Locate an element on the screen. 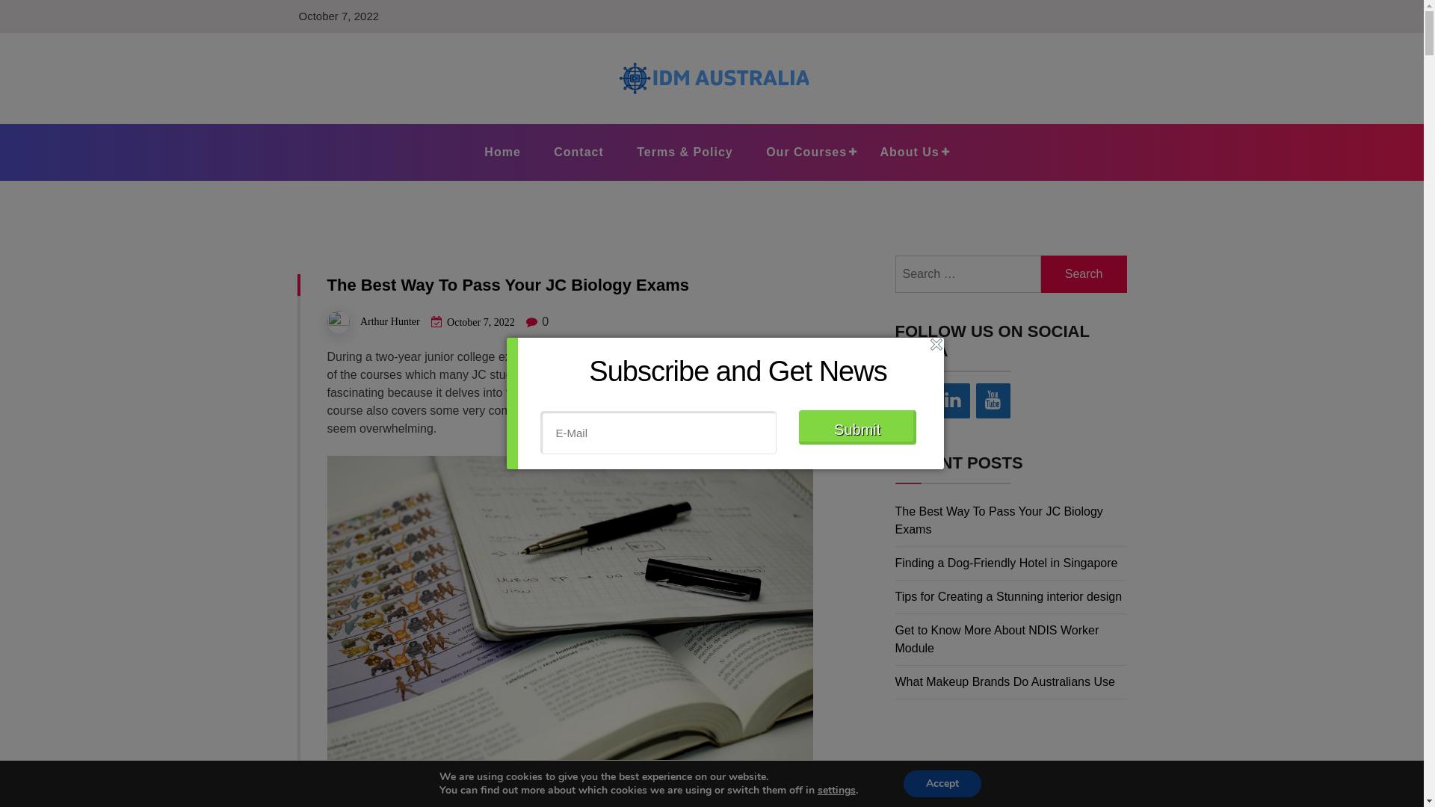  'Our Courses' is located at coordinates (806, 152).